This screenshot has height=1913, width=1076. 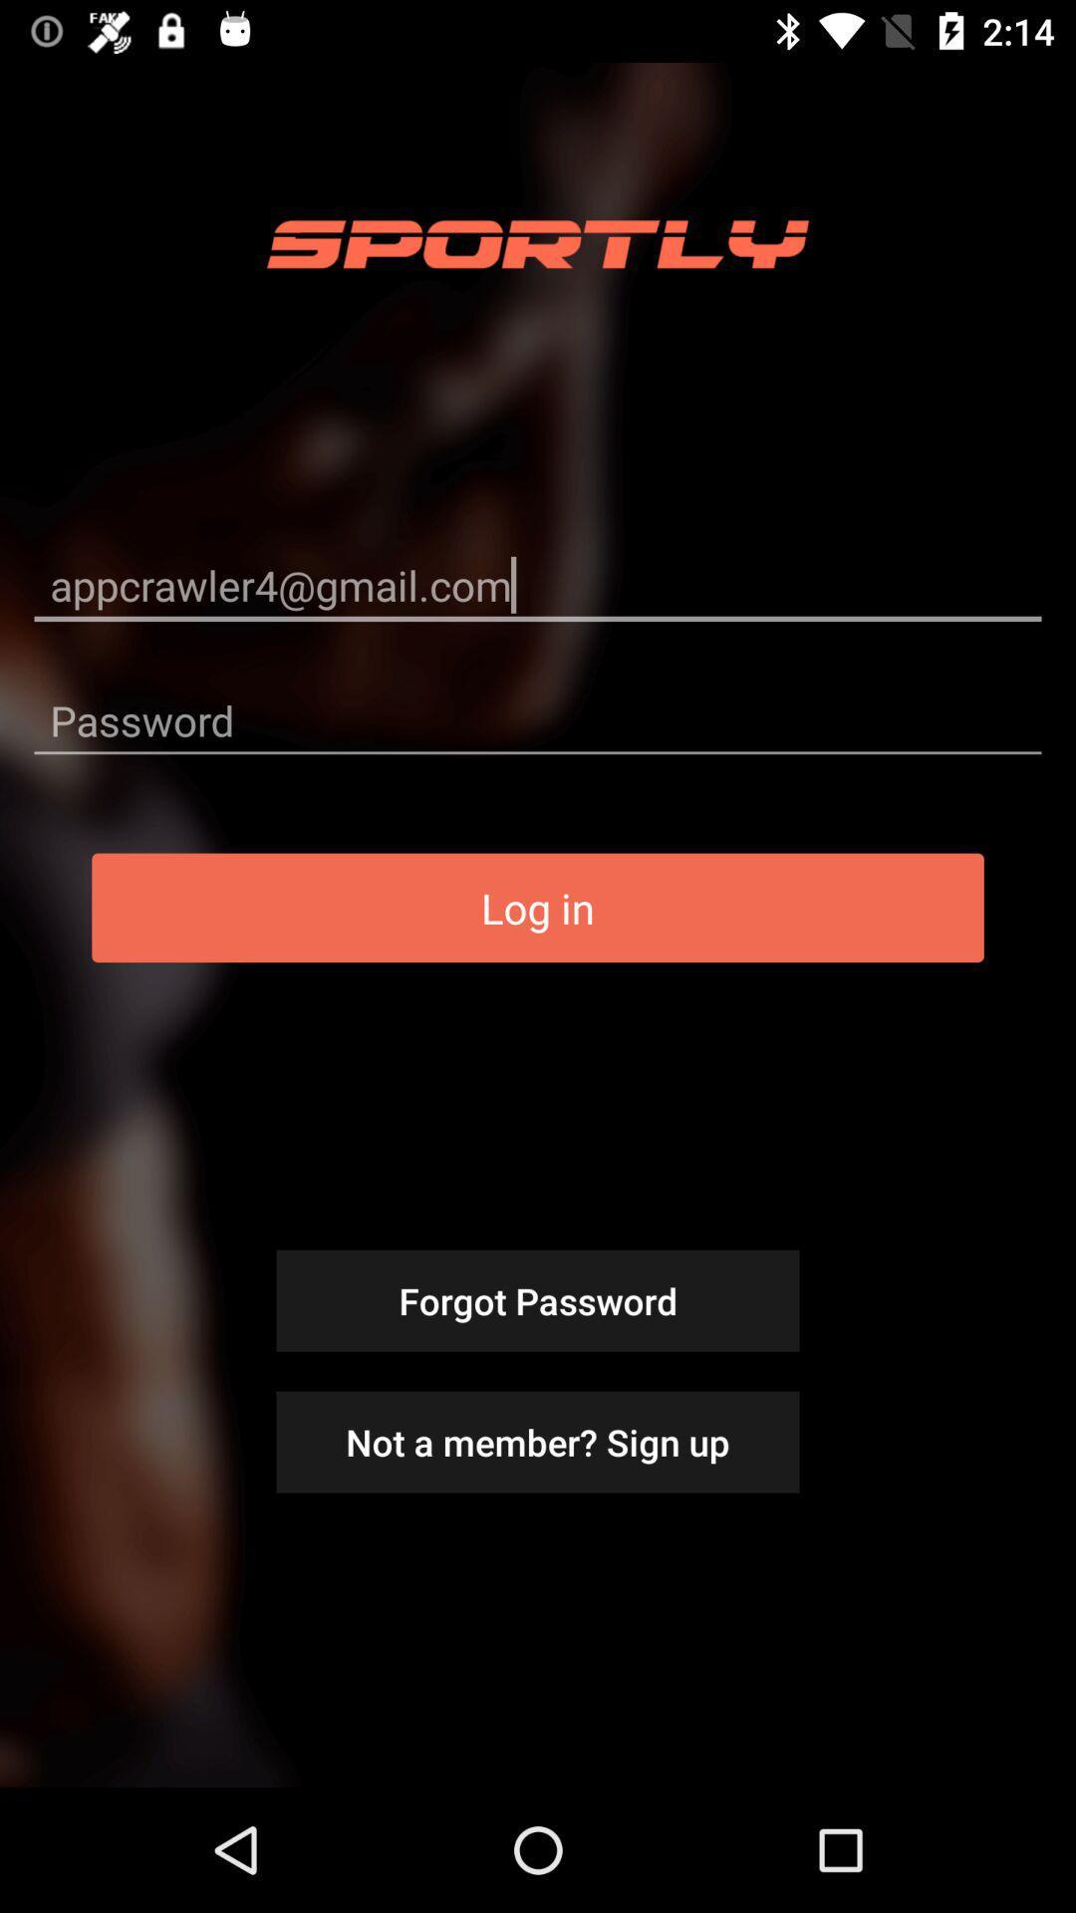 What do you see at coordinates (538, 719) in the screenshot?
I see `the icon below appcrawler4@gmail.com icon` at bounding box center [538, 719].